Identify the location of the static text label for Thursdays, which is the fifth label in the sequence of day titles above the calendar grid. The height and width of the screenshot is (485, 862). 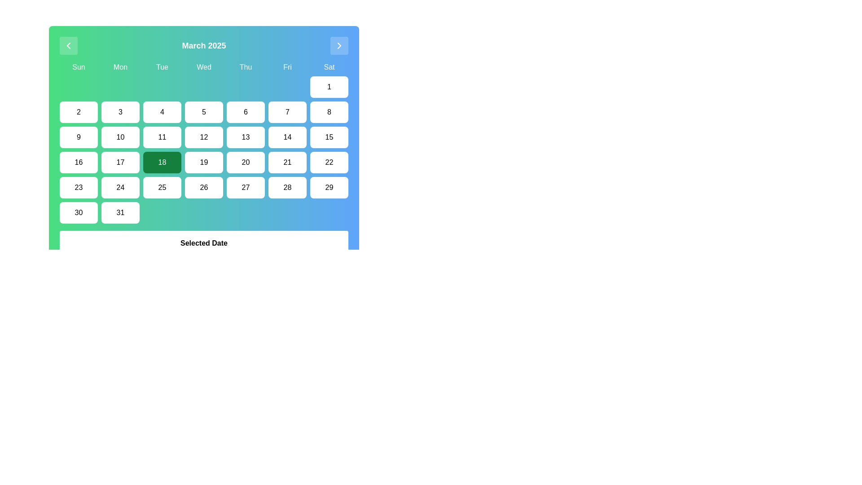
(246, 67).